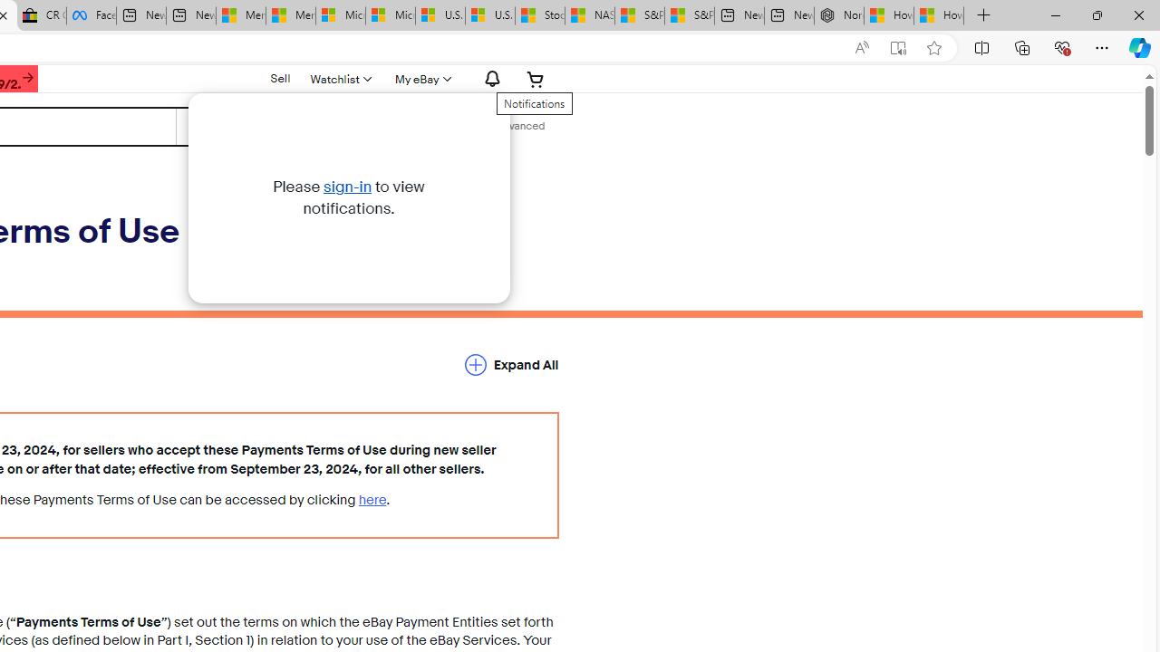 The height and width of the screenshot is (652, 1160). Describe the element at coordinates (898, 47) in the screenshot. I see `'Enter Immersive Reader (F9)'` at that location.